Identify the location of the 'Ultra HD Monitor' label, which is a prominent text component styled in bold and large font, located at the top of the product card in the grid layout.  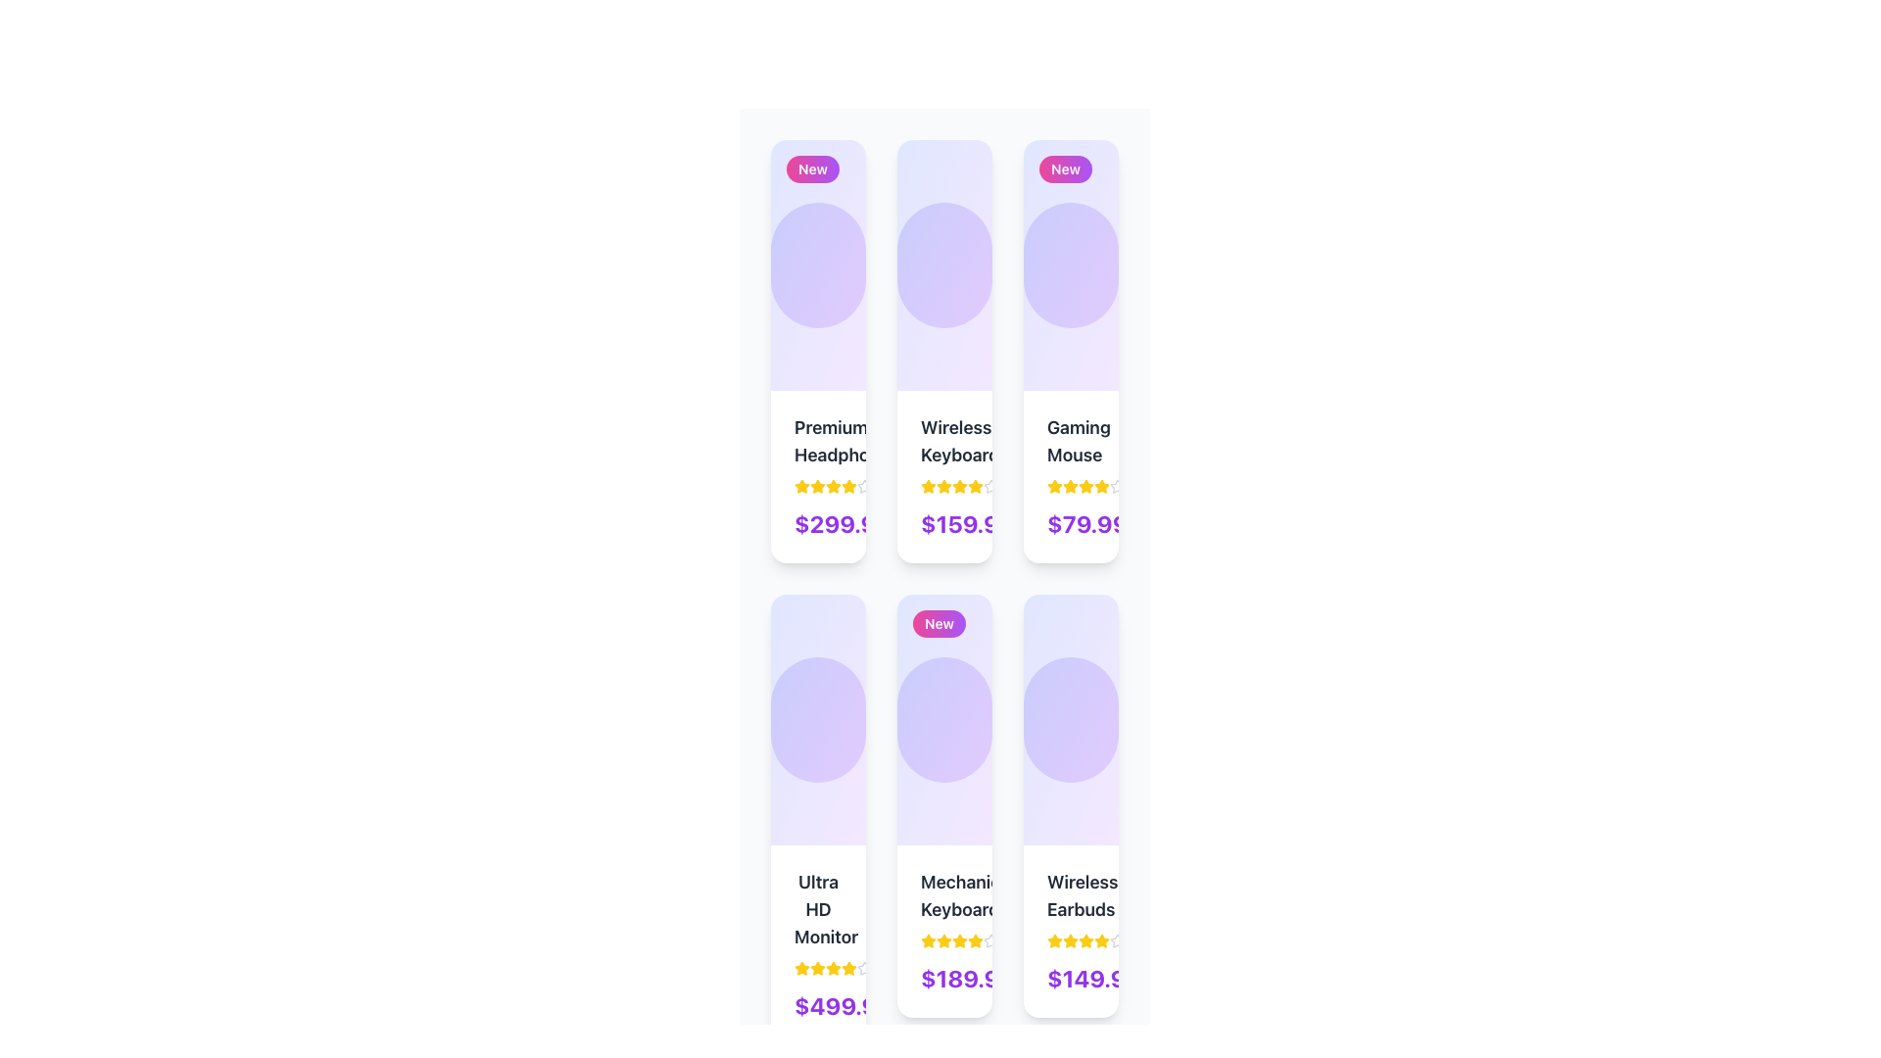
(818, 910).